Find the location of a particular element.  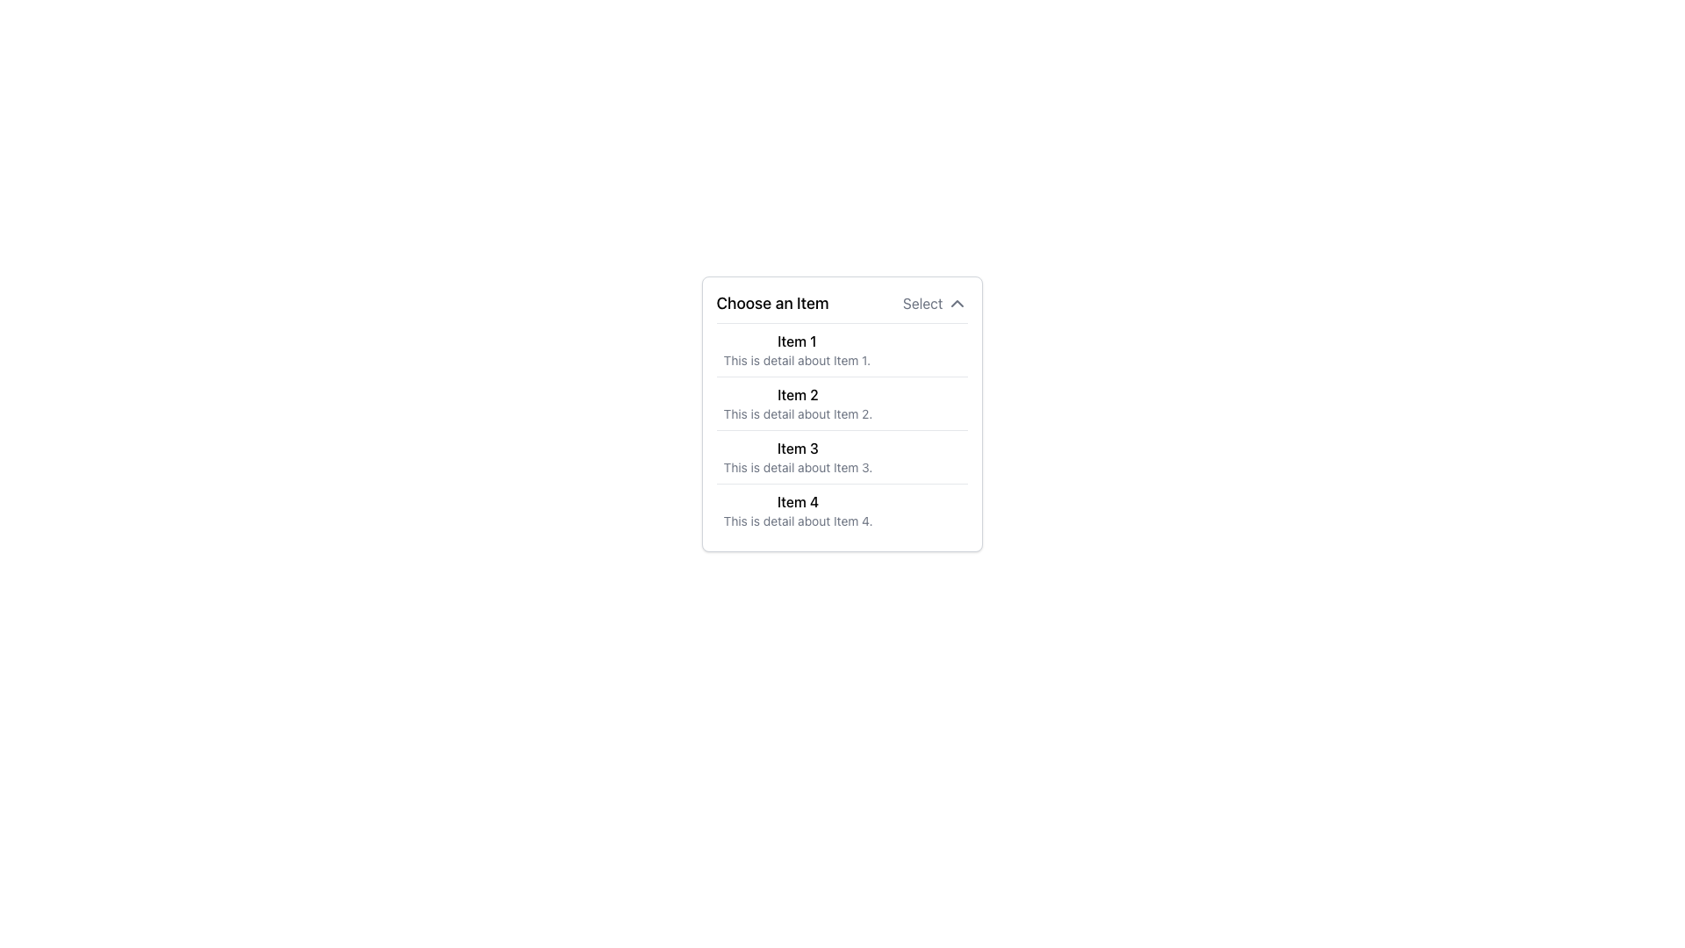

the first list item element titled 'Item 1' within the dropdown menu under 'Choose an Item' is located at coordinates (796, 349).